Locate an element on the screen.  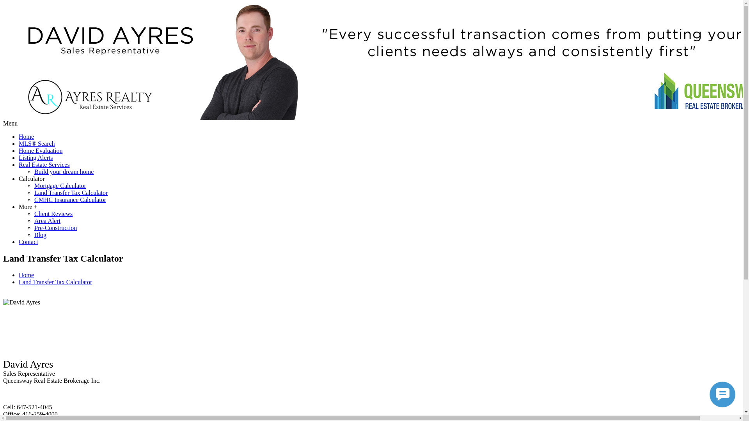
'Blog' is located at coordinates (40, 234).